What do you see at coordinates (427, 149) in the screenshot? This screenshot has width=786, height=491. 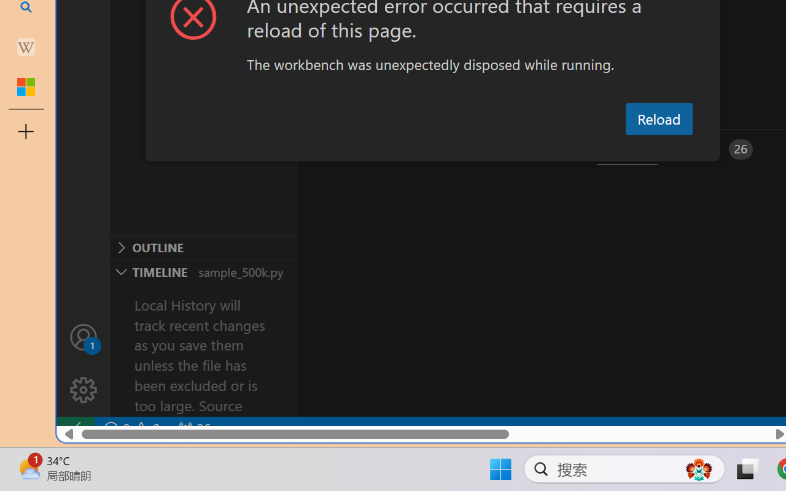 I see `'Output (Ctrl+Shift+U)'` at bounding box center [427, 149].